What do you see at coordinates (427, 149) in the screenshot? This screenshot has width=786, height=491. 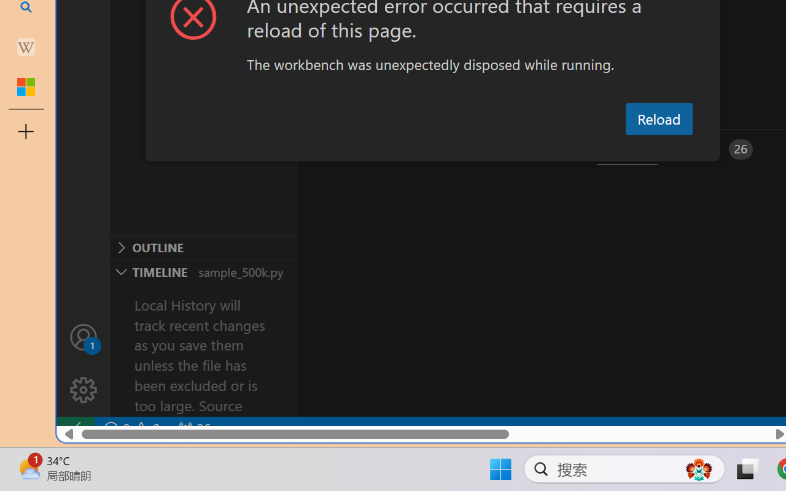 I see `'Output (Ctrl+Shift+U)'` at bounding box center [427, 149].